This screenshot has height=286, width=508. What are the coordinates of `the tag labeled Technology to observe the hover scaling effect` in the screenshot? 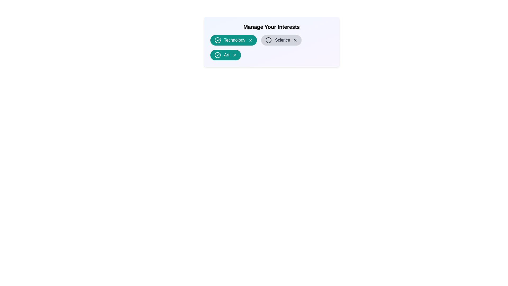 It's located at (233, 40).